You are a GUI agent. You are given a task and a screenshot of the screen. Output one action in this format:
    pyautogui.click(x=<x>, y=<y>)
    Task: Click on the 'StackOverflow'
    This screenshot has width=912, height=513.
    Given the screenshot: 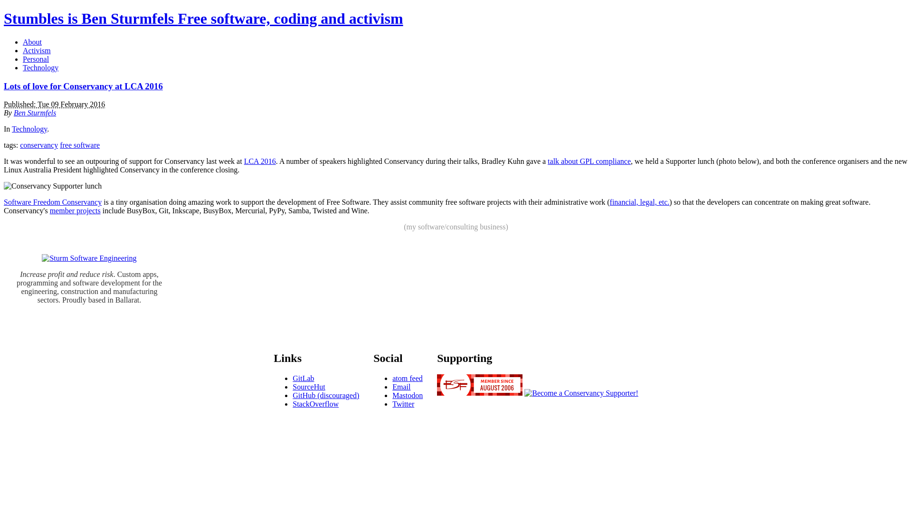 What is the action you would take?
    pyautogui.click(x=292, y=404)
    